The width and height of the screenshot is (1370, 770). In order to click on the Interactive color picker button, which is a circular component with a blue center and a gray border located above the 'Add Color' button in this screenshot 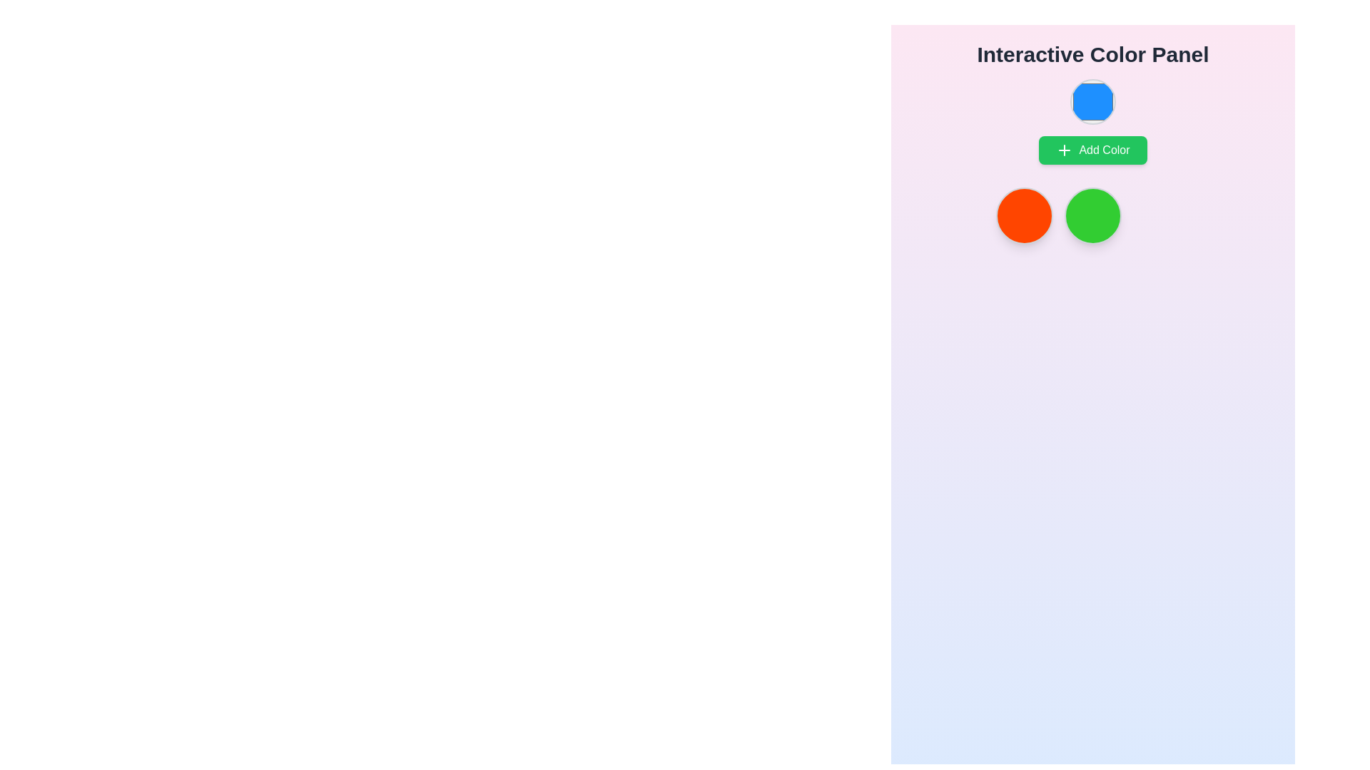, I will do `click(1092, 101)`.